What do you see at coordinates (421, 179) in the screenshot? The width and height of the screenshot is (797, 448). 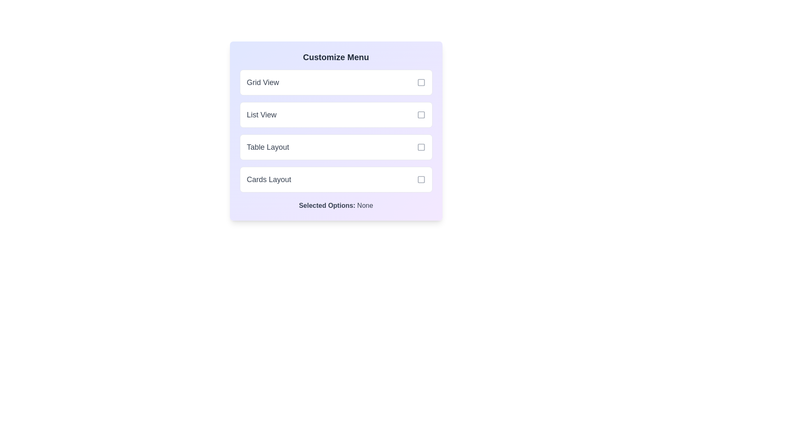 I see `the square icon with rounded corners located to the right of the 'Cards Layout' option` at bounding box center [421, 179].